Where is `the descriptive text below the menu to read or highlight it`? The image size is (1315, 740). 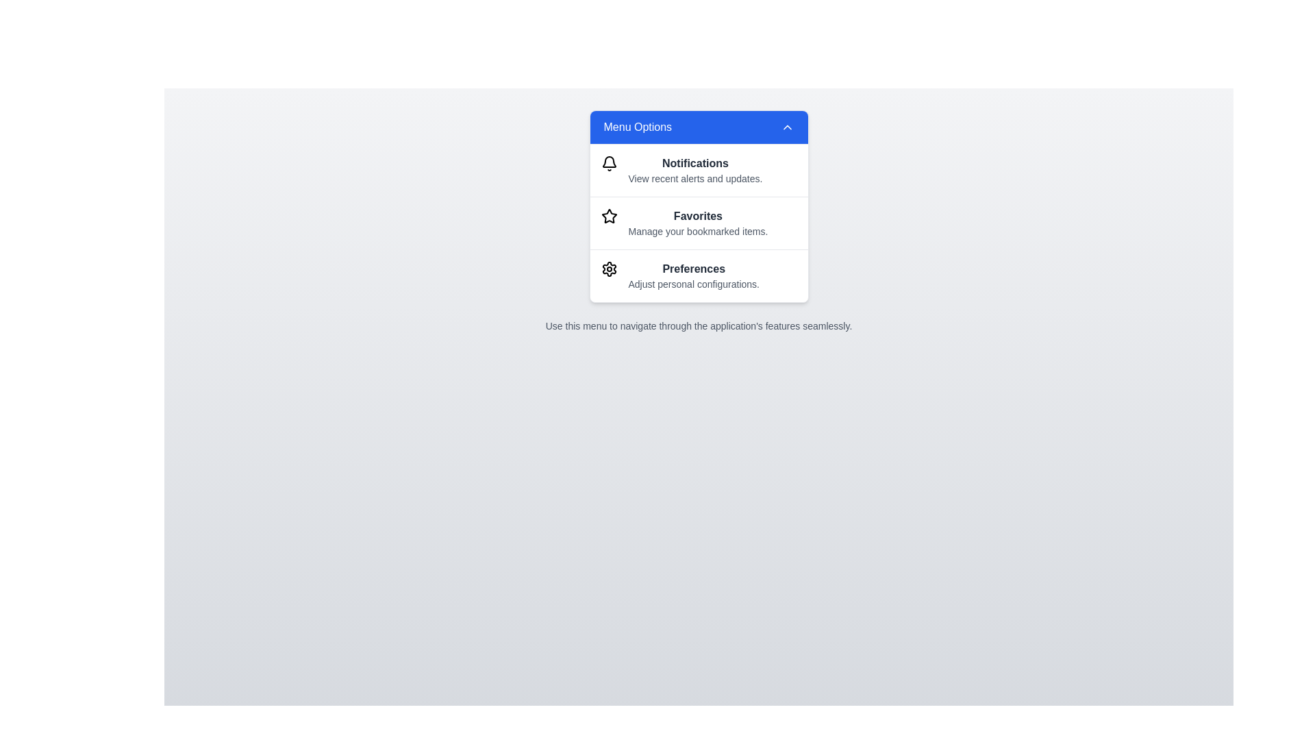
the descriptive text below the menu to read or highlight it is located at coordinates (699, 325).